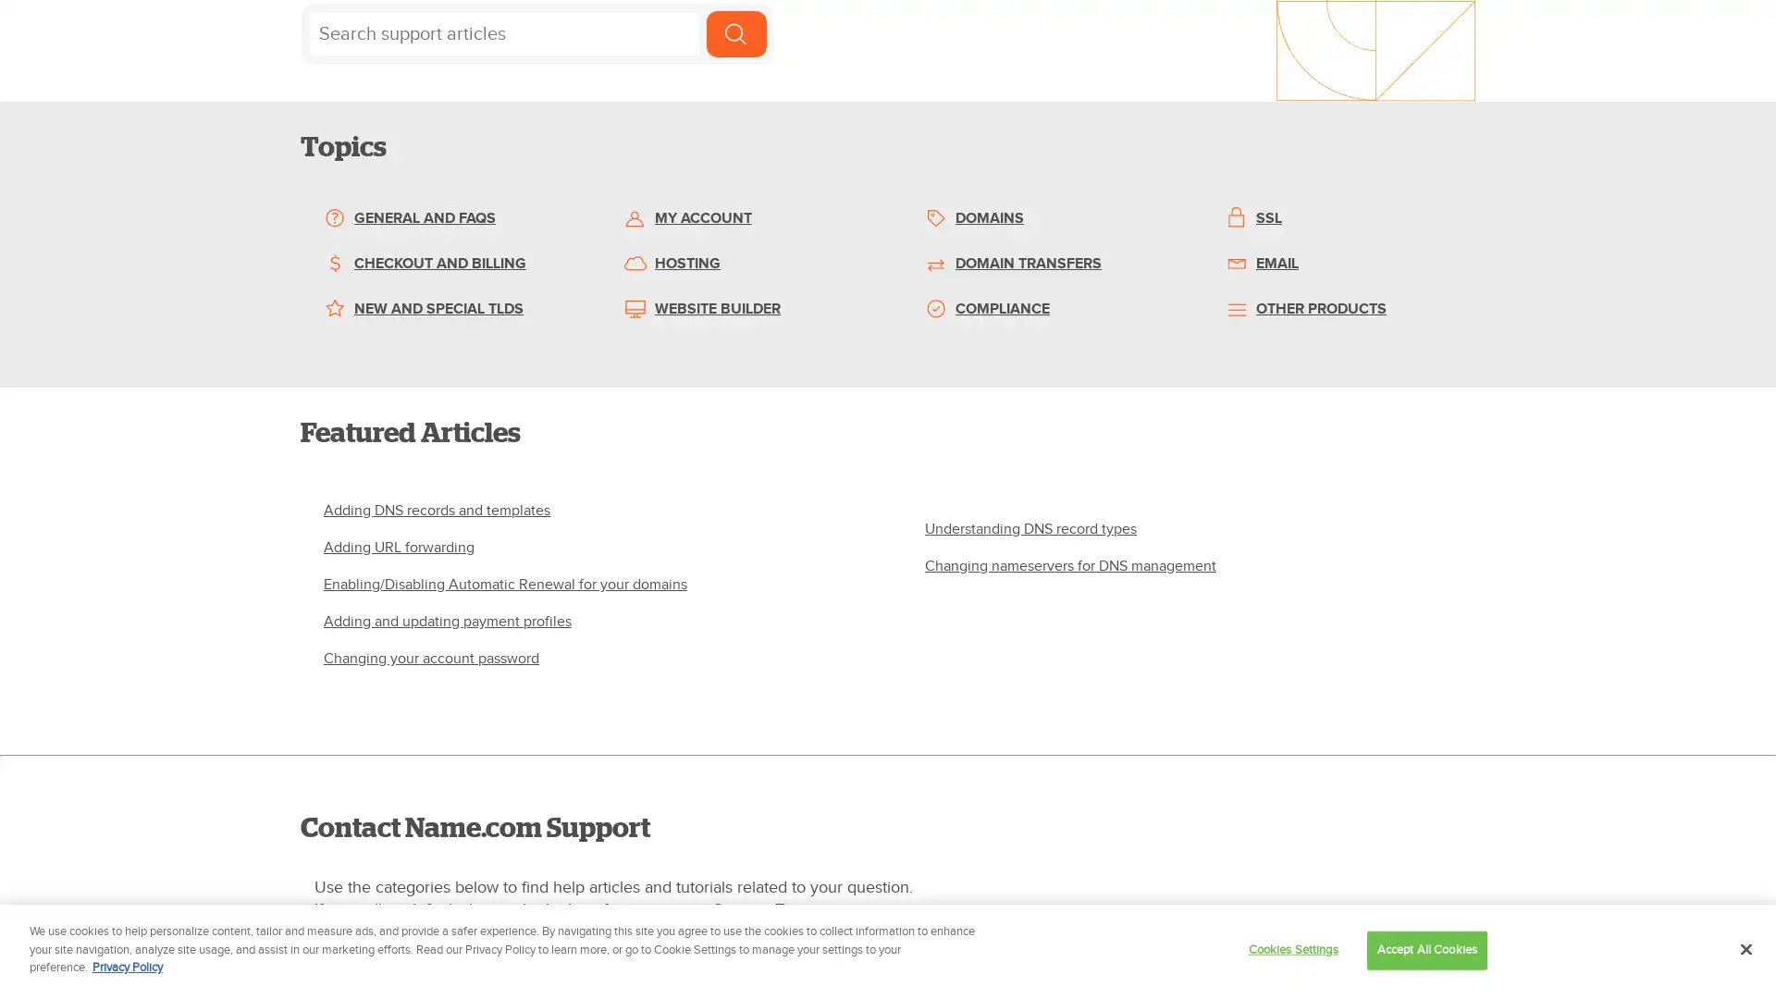 This screenshot has width=1776, height=999. Describe the element at coordinates (1425, 949) in the screenshot. I see `Accept All Cookies` at that location.